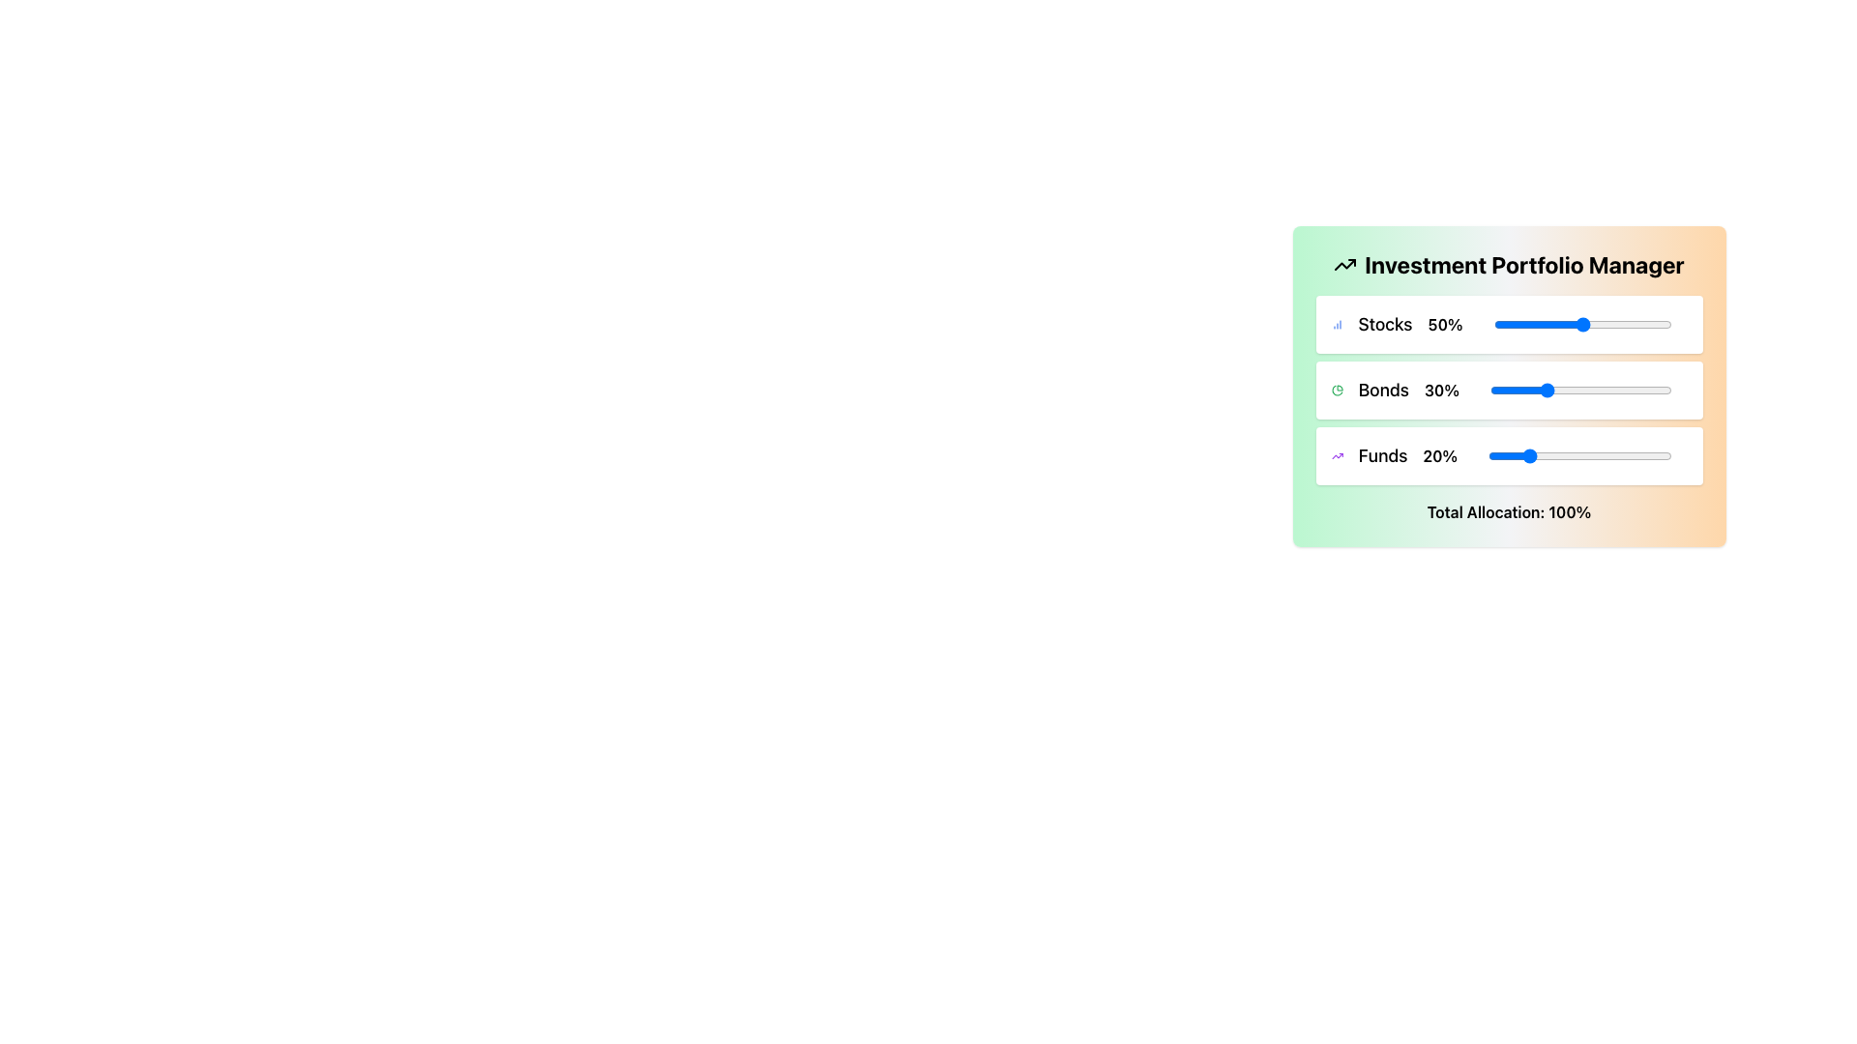 This screenshot has height=1044, width=1857. I want to click on the 'Funds' allocation, so click(1552, 455).